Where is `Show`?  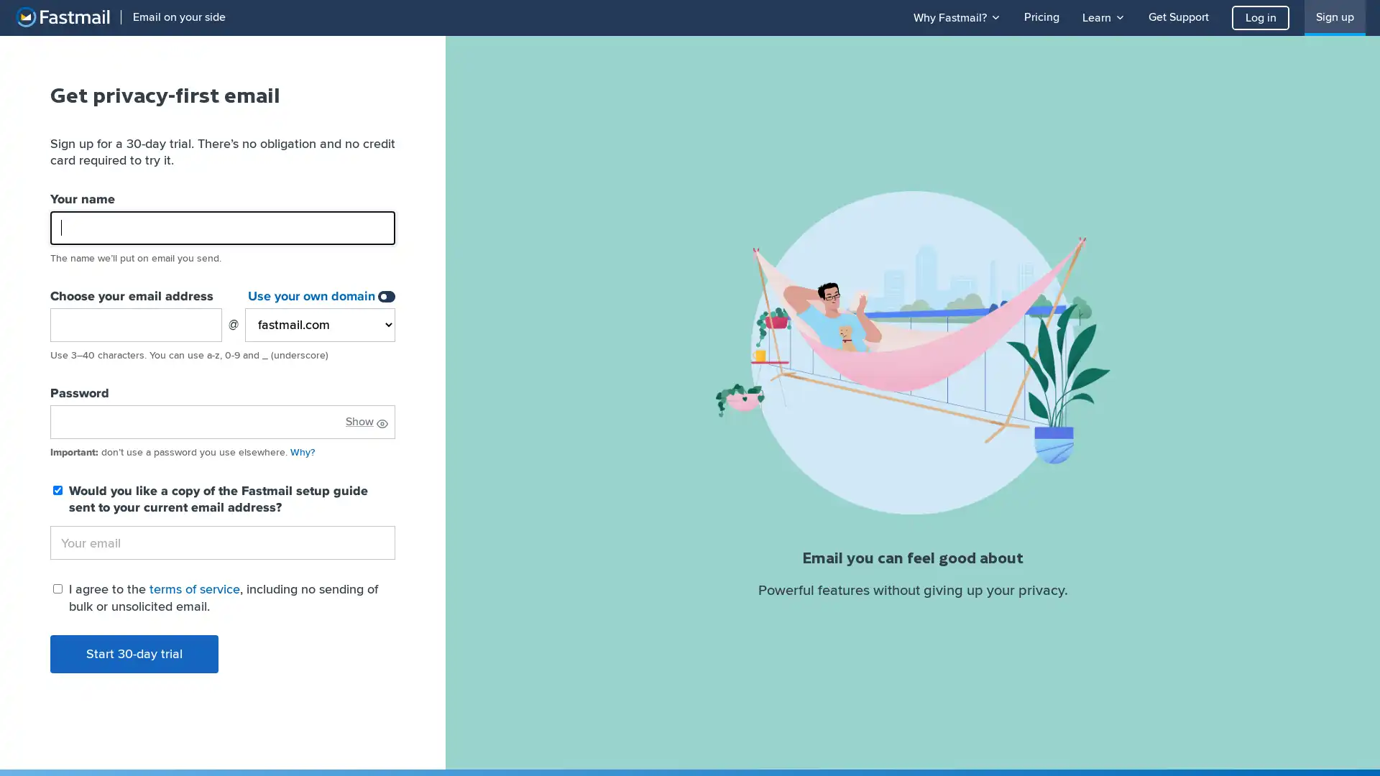
Show is located at coordinates (367, 421).